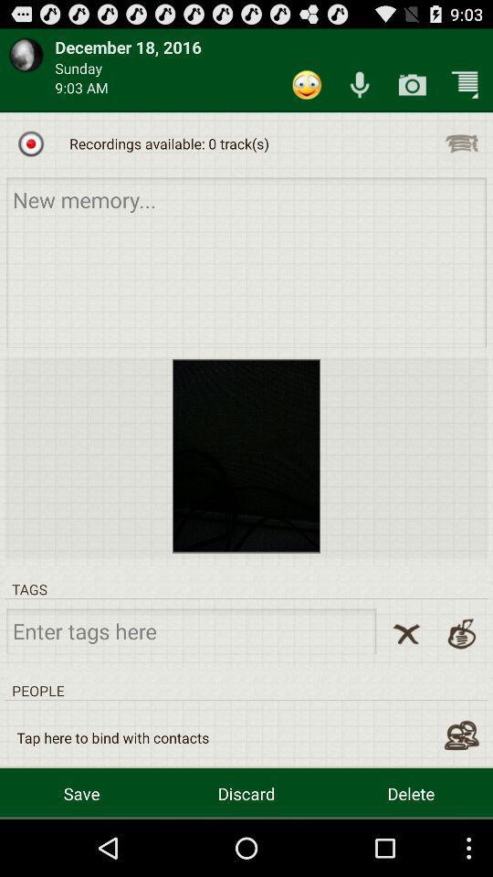 The image size is (493, 877). Describe the element at coordinates (412, 85) in the screenshot. I see `the camera icon on the web page` at that location.